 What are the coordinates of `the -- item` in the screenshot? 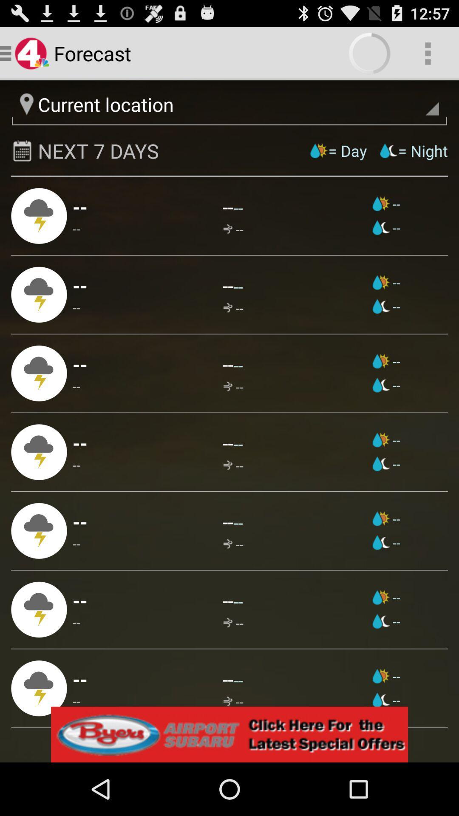 It's located at (227, 207).